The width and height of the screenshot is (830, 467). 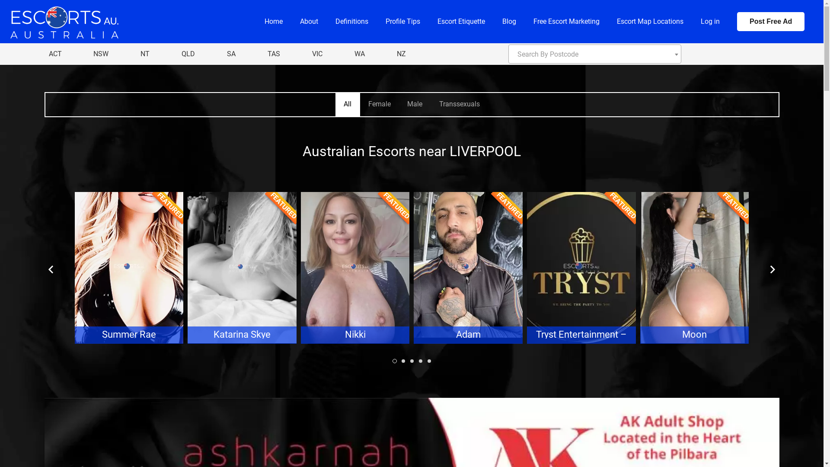 What do you see at coordinates (273, 21) in the screenshot?
I see `'Home'` at bounding box center [273, 21].